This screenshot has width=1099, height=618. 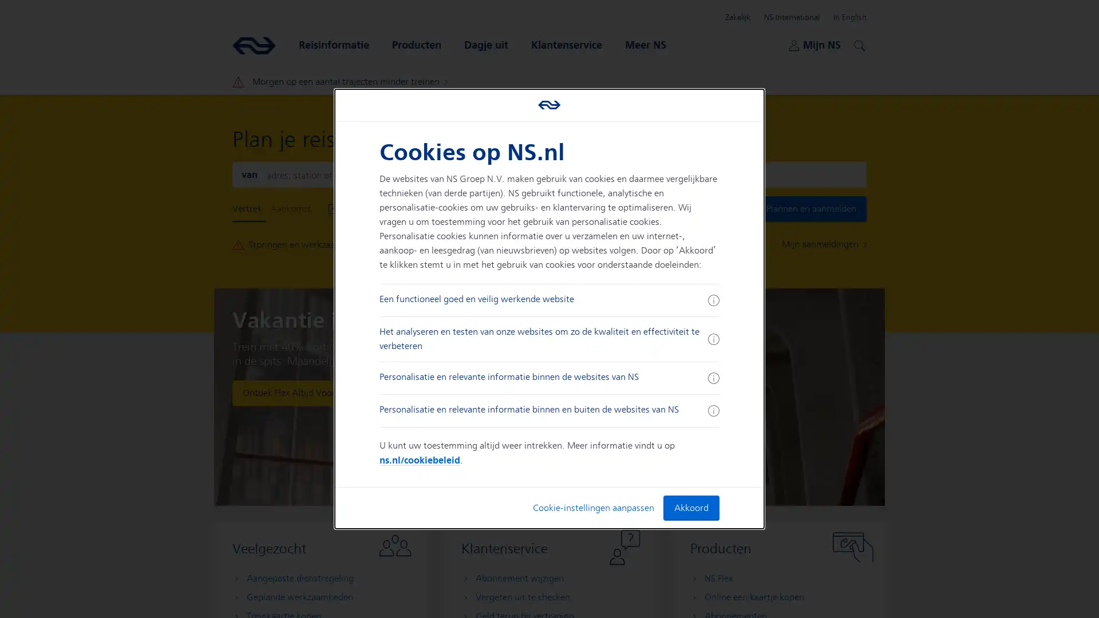 I want to click on Dagje uit Open submenu, so click(x=486, y=44).